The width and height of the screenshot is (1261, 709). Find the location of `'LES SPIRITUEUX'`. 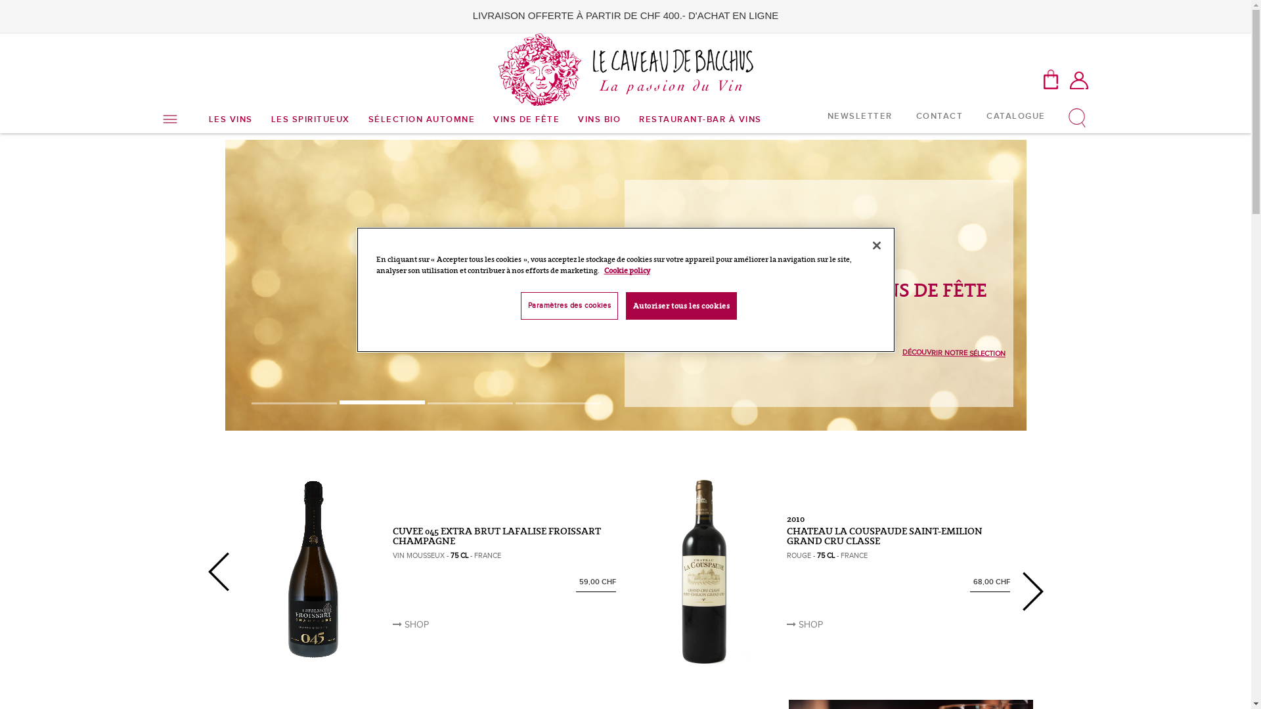

'LES SPIRITUEUX' is located at coordinates (270, 119).